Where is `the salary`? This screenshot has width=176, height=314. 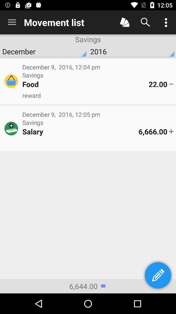 the salary is located at coordinates (80, 131).